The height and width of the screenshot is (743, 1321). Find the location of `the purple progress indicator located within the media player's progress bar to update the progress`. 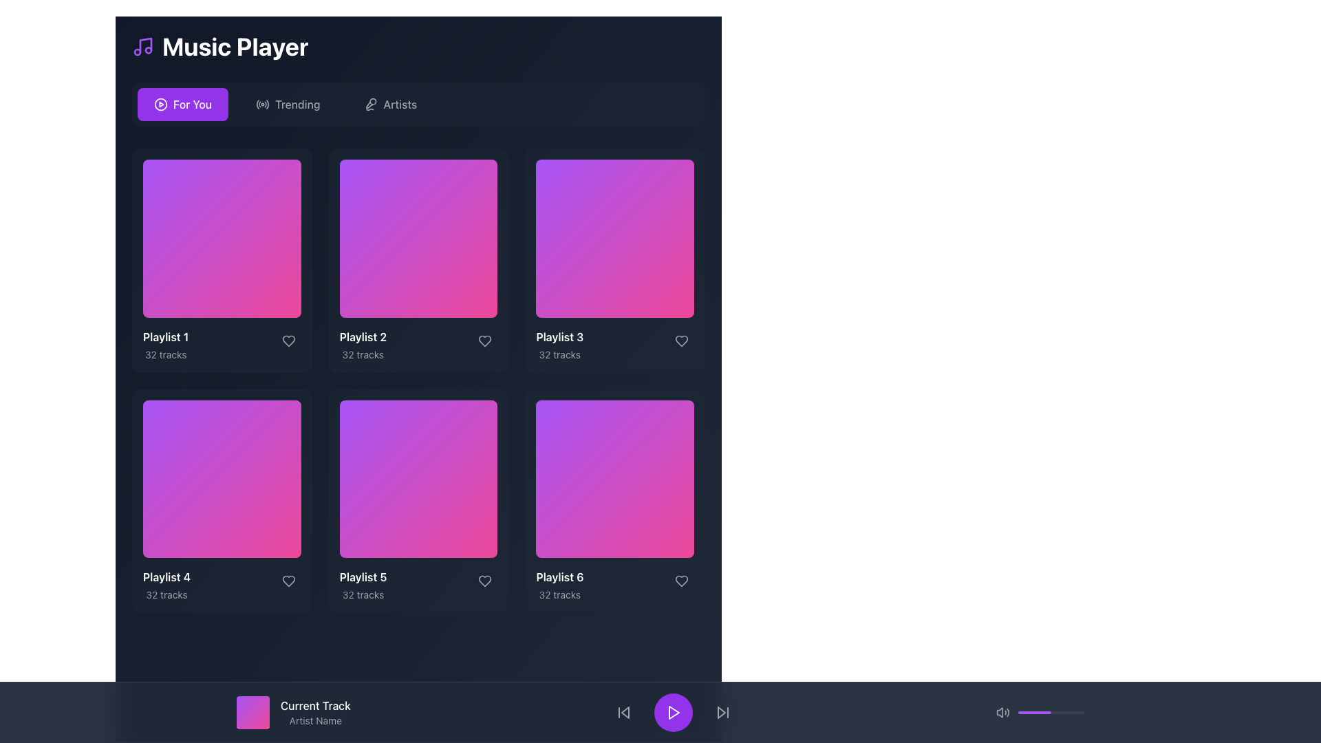

the purple progress indicator located within the media player's progress bar to update the progress is located at coordinates (1034, 712).